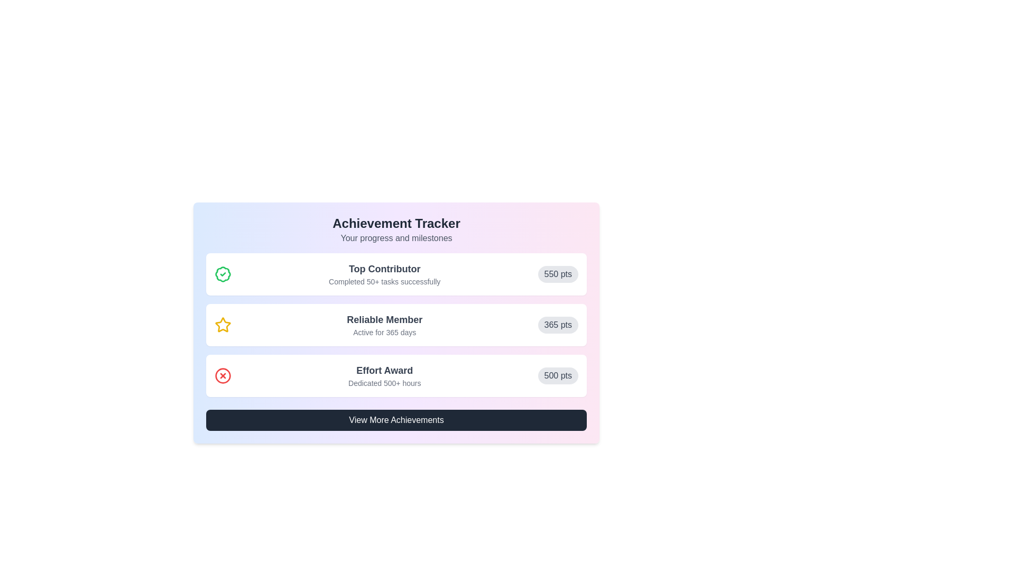 This screenshot has width=1015, height=571. Describe the element at coordinates (223, 375) in the screenshot. I see `the error icon indicating the status of the 'Effort Award' achievement, located in the third section of the achievements list, aligned with 'Dedicated 500+ hours' and '500 pts'` at that location.